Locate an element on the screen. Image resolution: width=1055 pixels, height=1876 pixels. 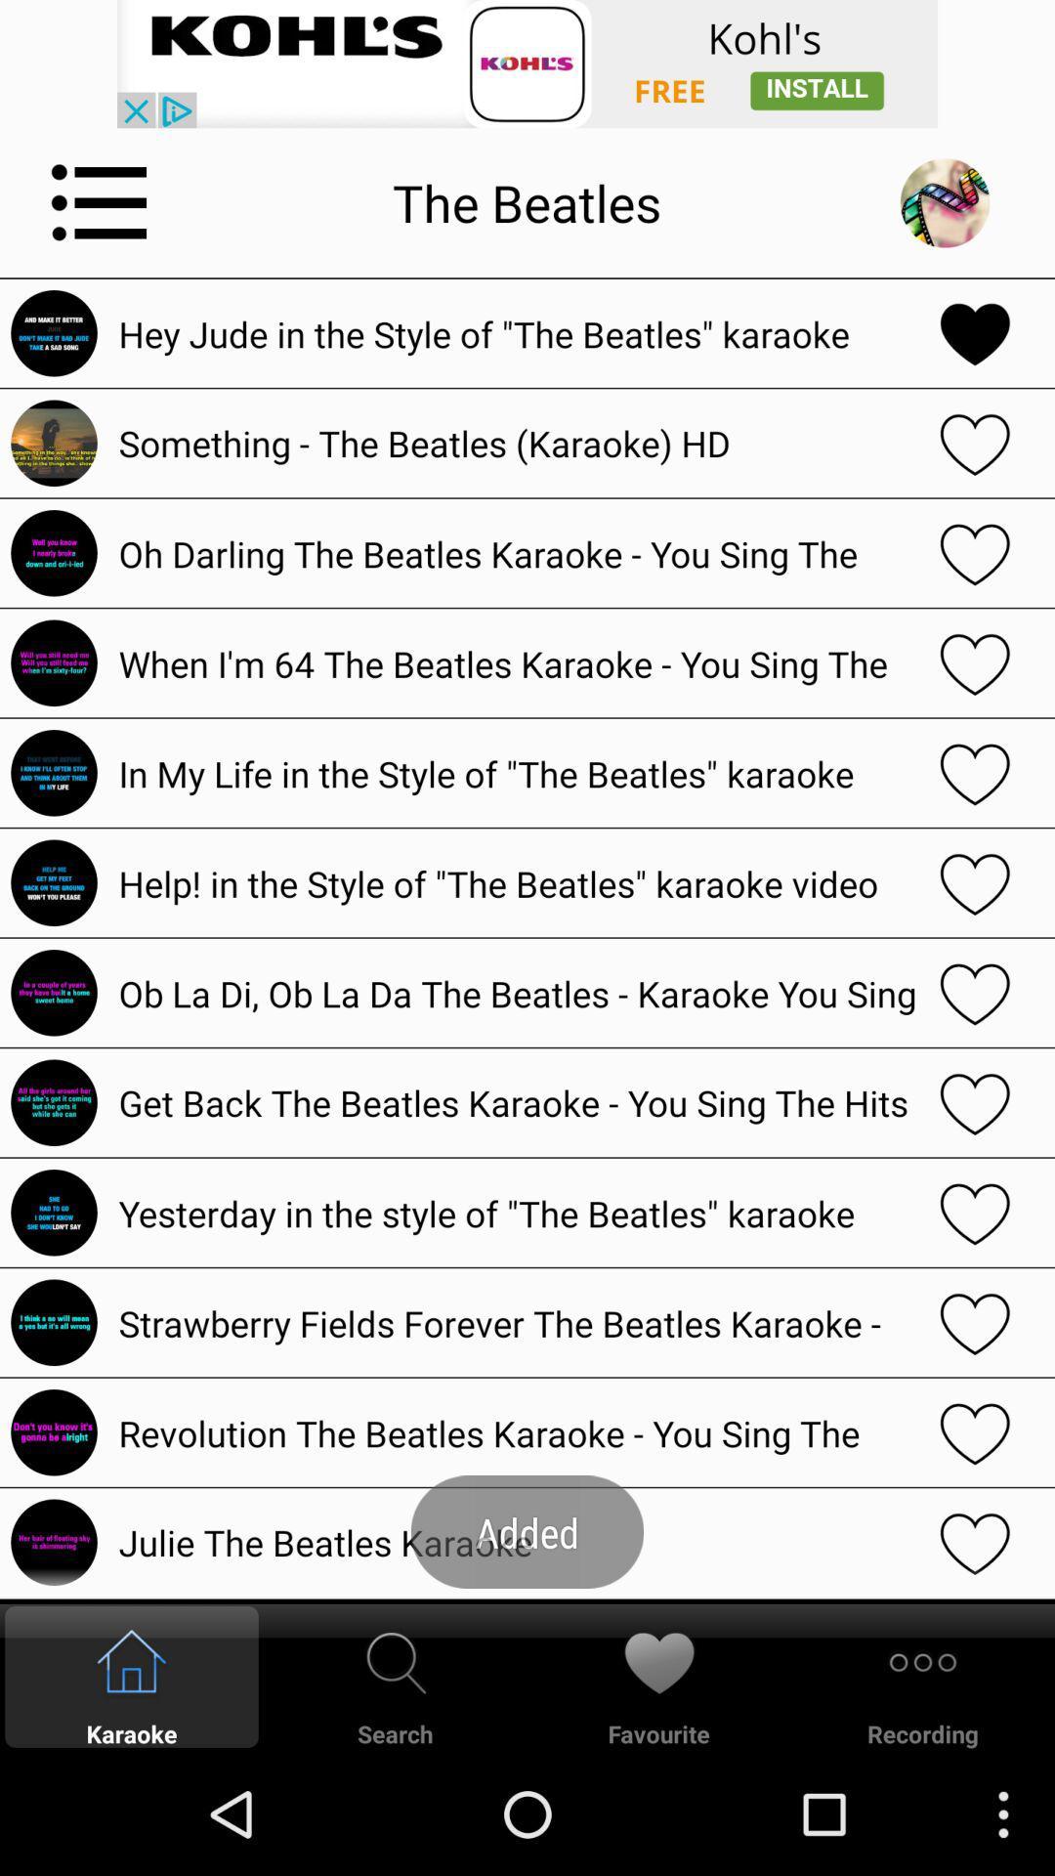
banner advertisement is located at coordinates (527, 64).